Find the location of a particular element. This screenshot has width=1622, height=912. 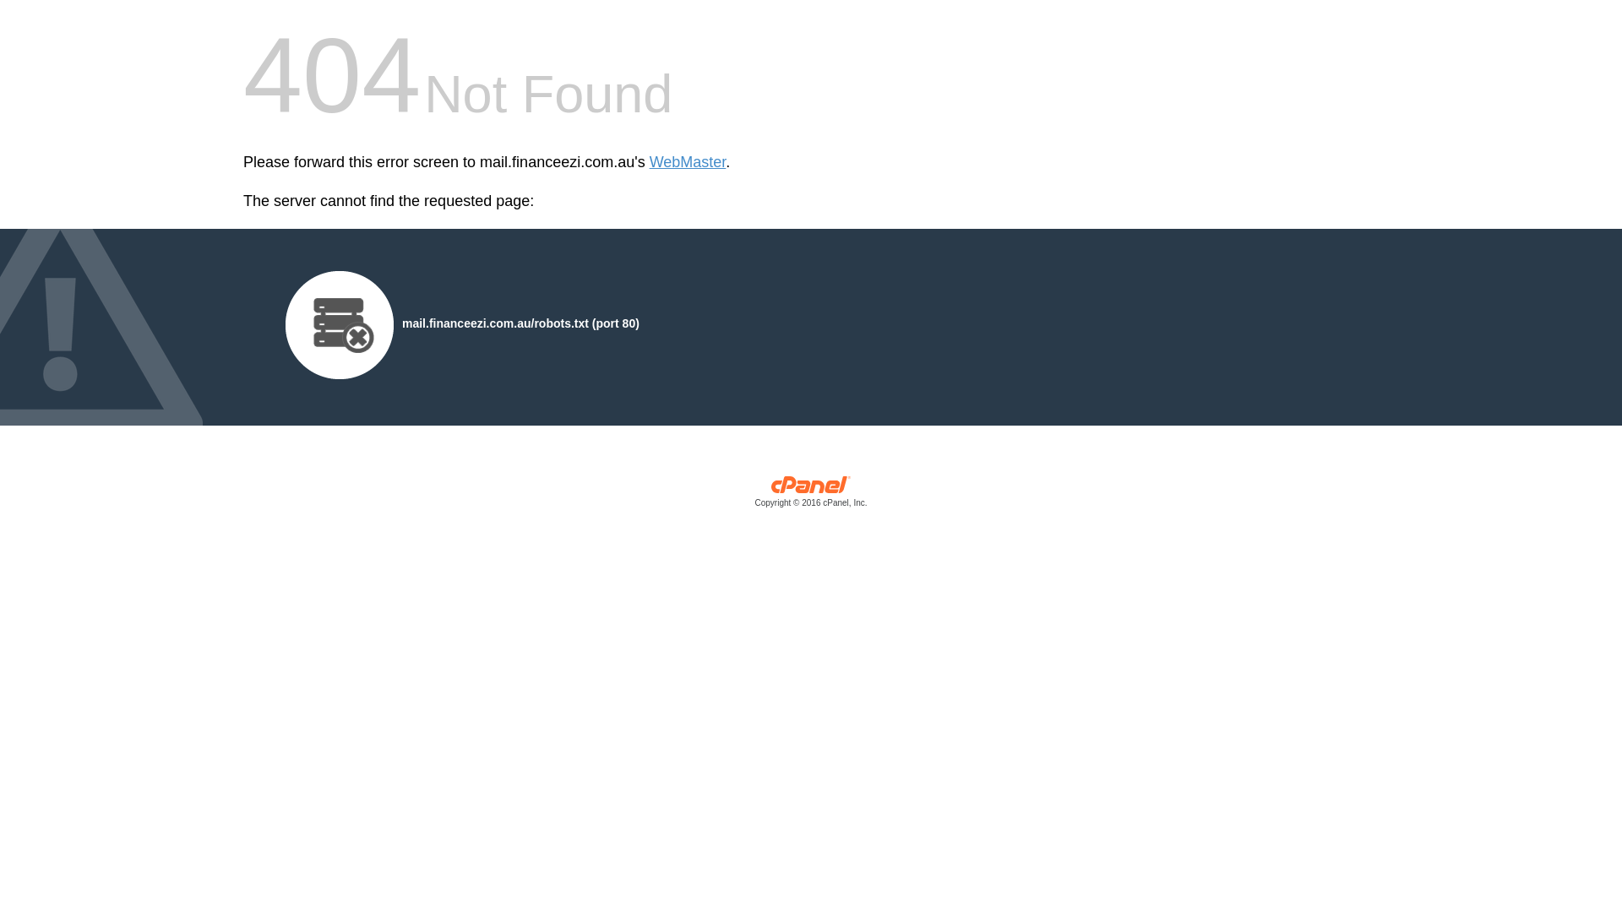

'WebMaster' is located at coordinates (688, 162).